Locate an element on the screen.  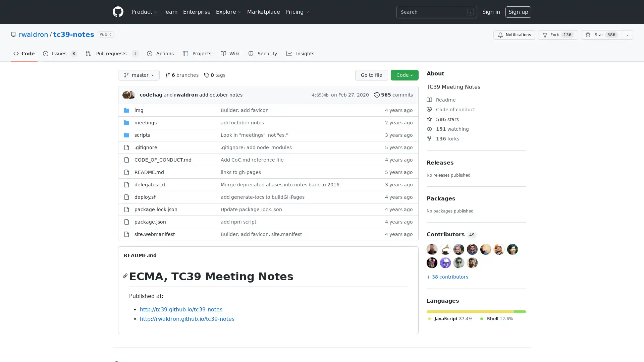
You must be signed in to add this repository to a list is located at coordinates (627, 35).